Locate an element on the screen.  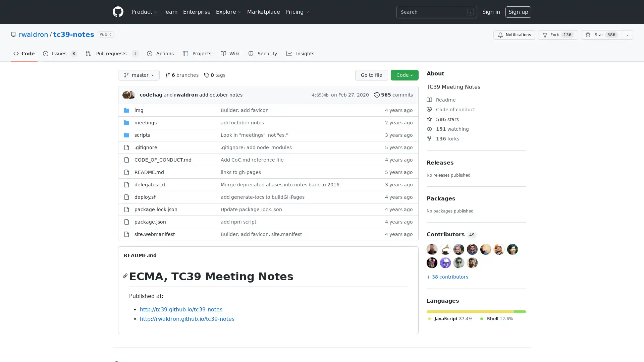
You must be signed in to add this repository to a list is located at coordinates (627, 35).